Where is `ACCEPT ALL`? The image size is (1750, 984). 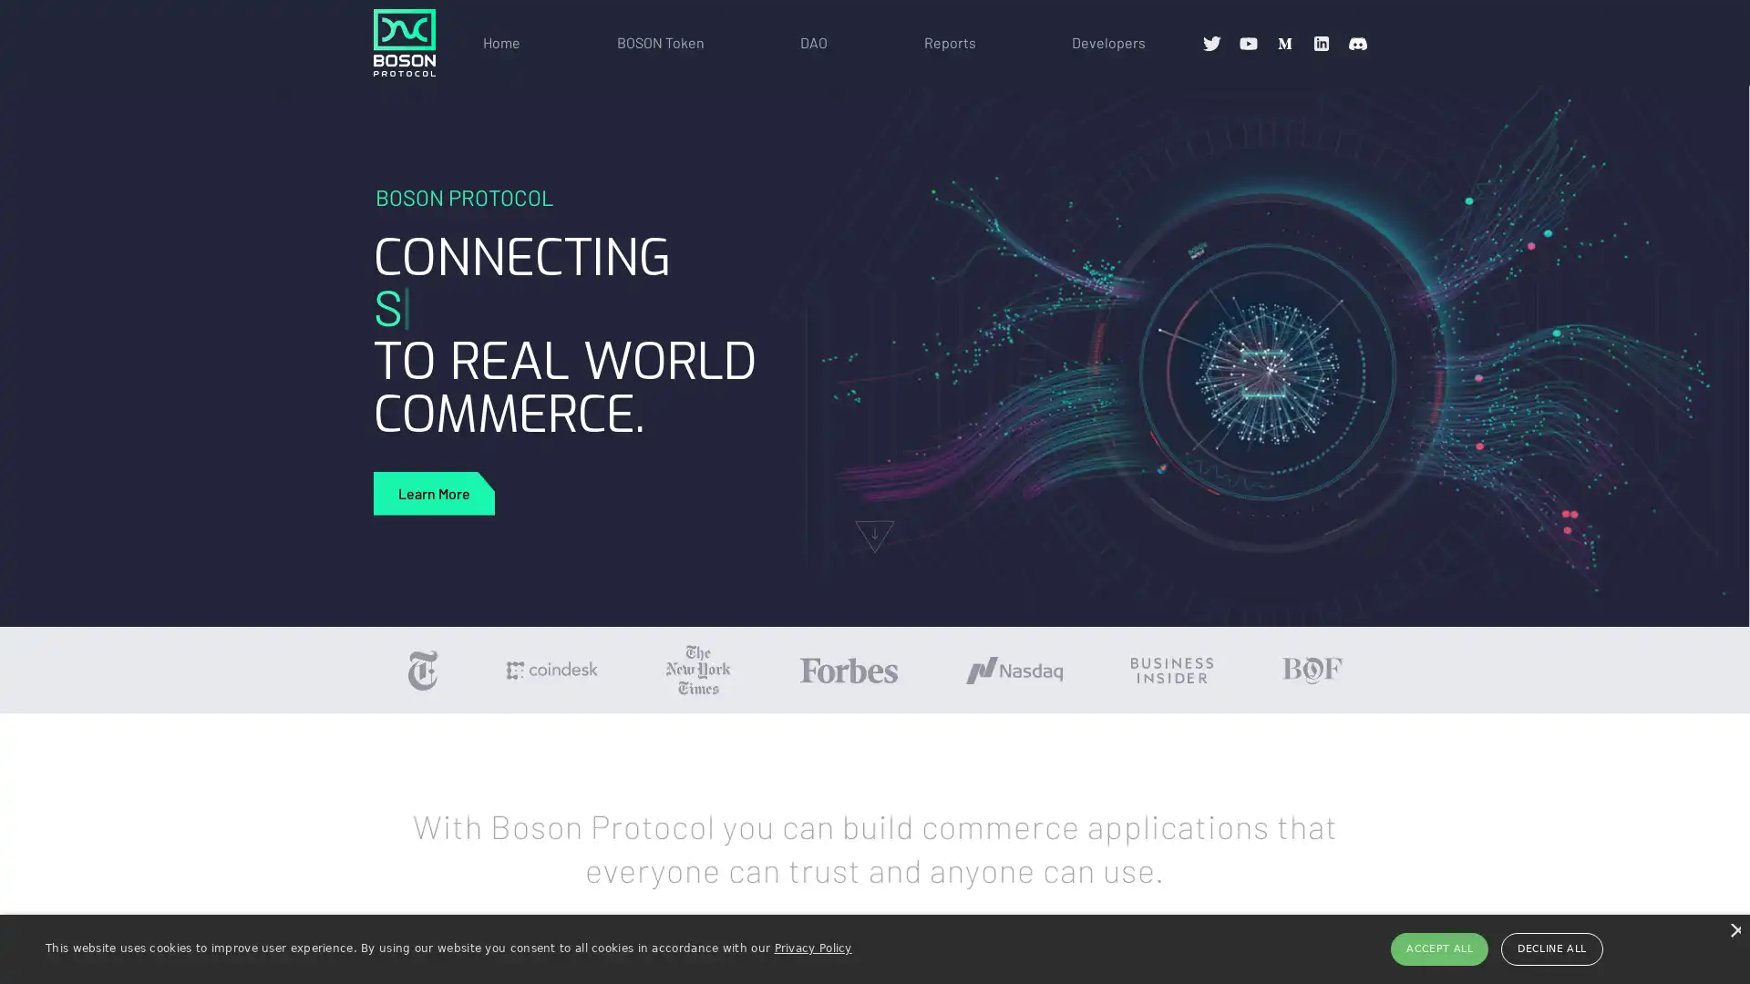
ACCEPT ALL is located at coordinates (1438, 948).